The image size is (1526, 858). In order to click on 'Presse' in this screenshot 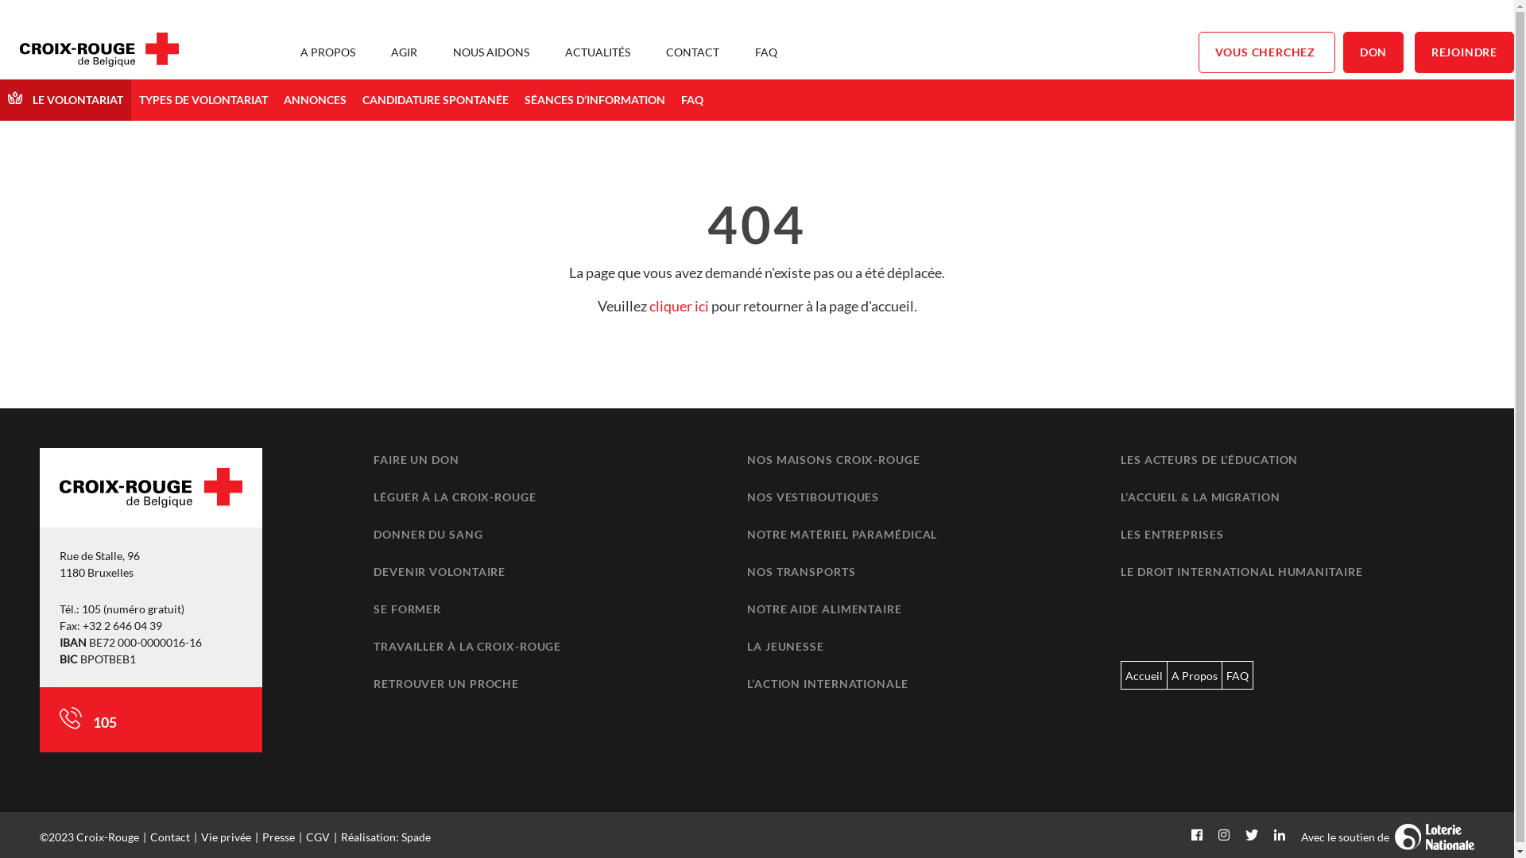, I will do `click(278, 836)`.